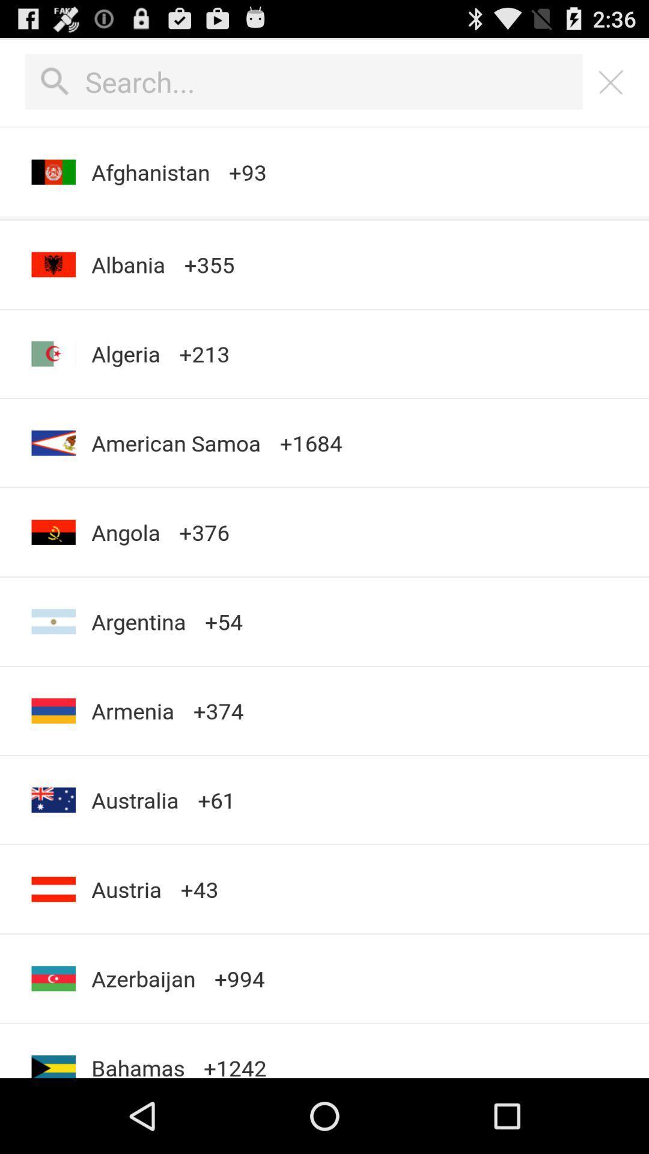 The width and height of the screenshot is (649, 1154). I want to click on search box, so click(303, 81).